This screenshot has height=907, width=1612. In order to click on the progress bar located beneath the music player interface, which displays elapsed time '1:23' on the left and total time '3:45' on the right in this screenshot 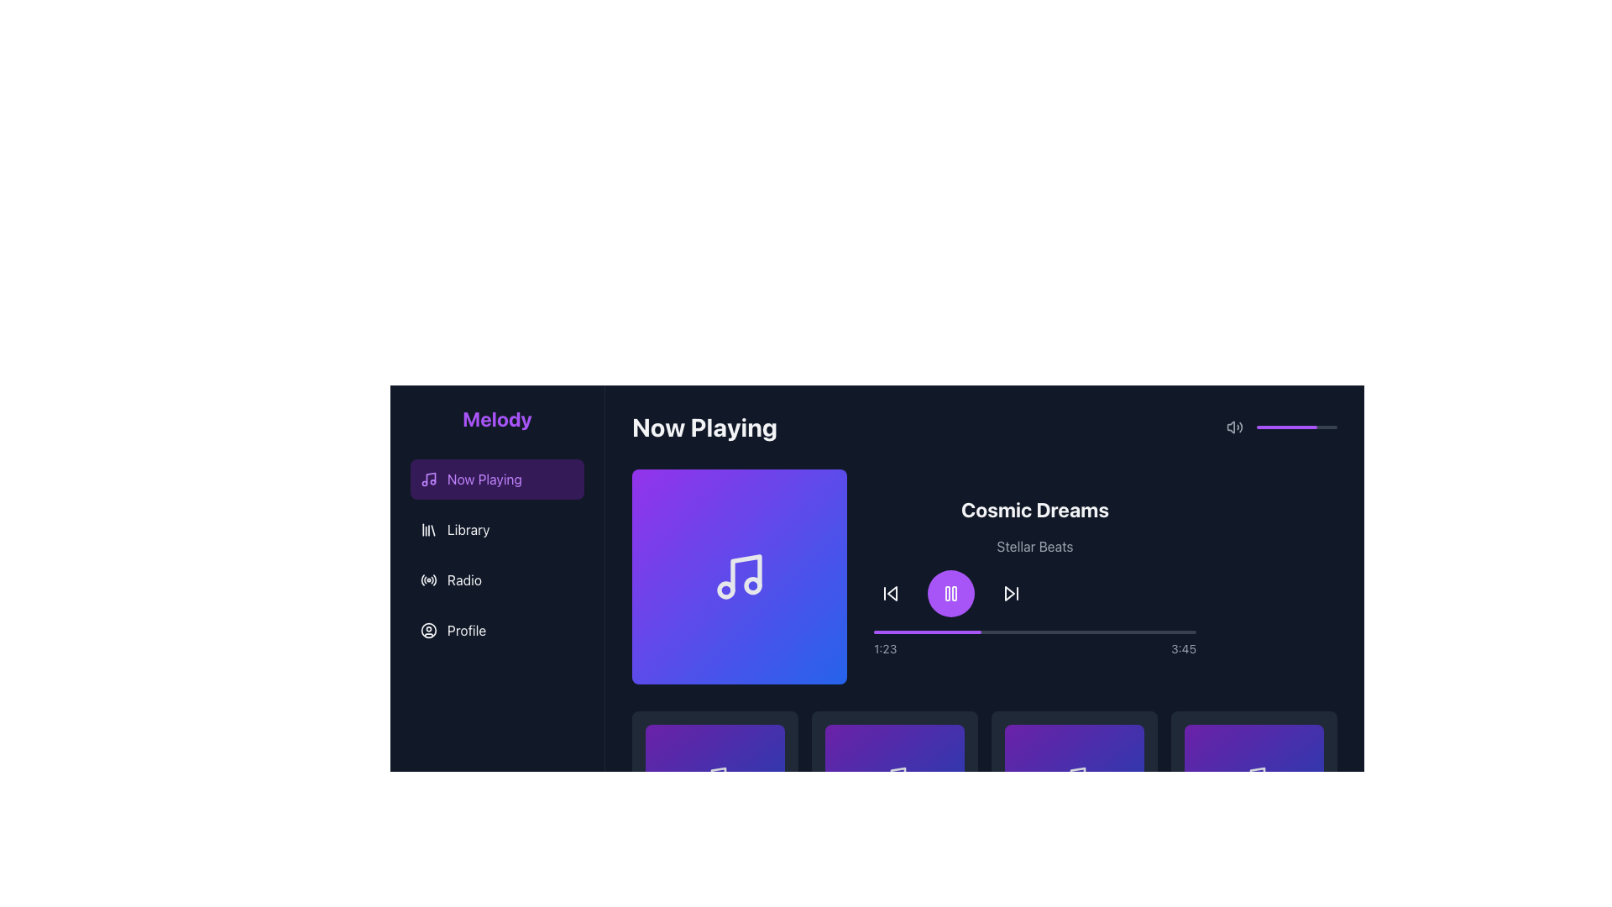, I will do `click(1034, 643)`.